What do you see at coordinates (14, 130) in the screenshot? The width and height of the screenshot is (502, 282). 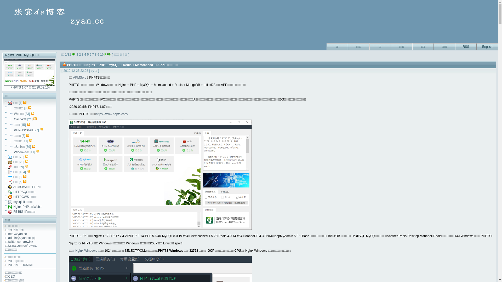 I see `'PHP/JS/Shell'` at bounding box center [14, 130].